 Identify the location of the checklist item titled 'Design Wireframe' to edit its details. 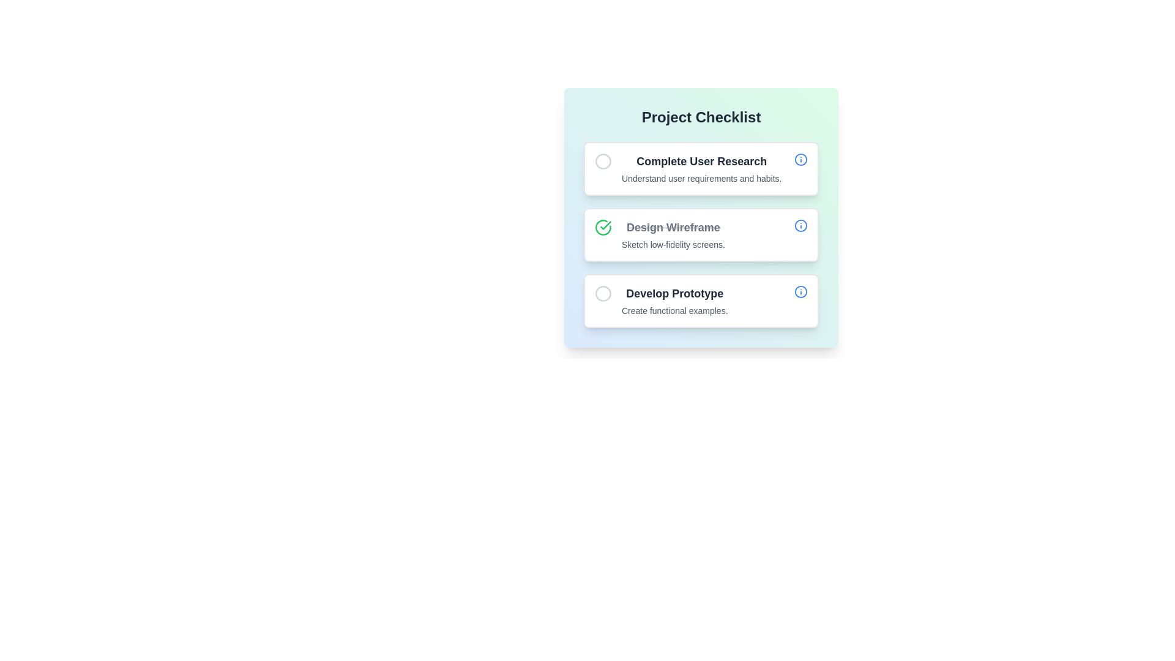
(701, 215).